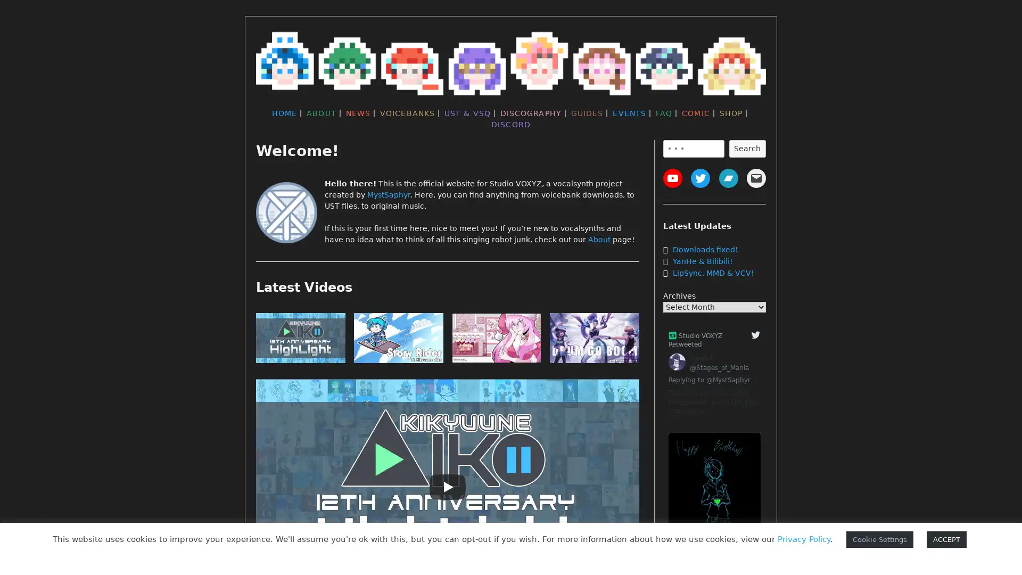 The image size is (1022, 575). I want to click on Play, so click(447, 487).